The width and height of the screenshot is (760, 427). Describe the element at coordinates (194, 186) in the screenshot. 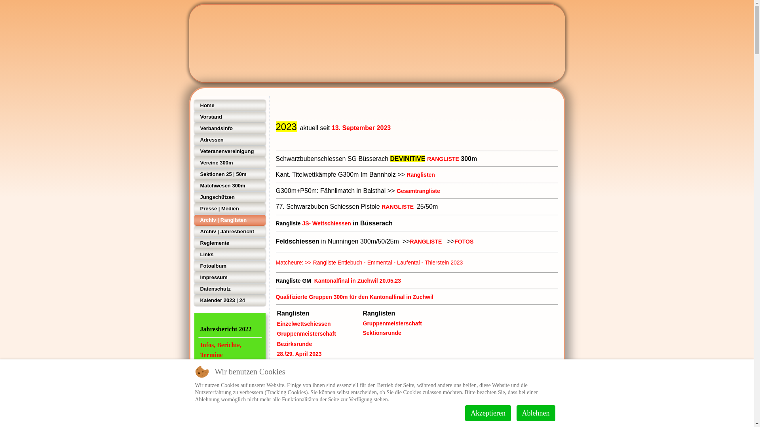

I see `'Matchwesen 300m'` at that location.